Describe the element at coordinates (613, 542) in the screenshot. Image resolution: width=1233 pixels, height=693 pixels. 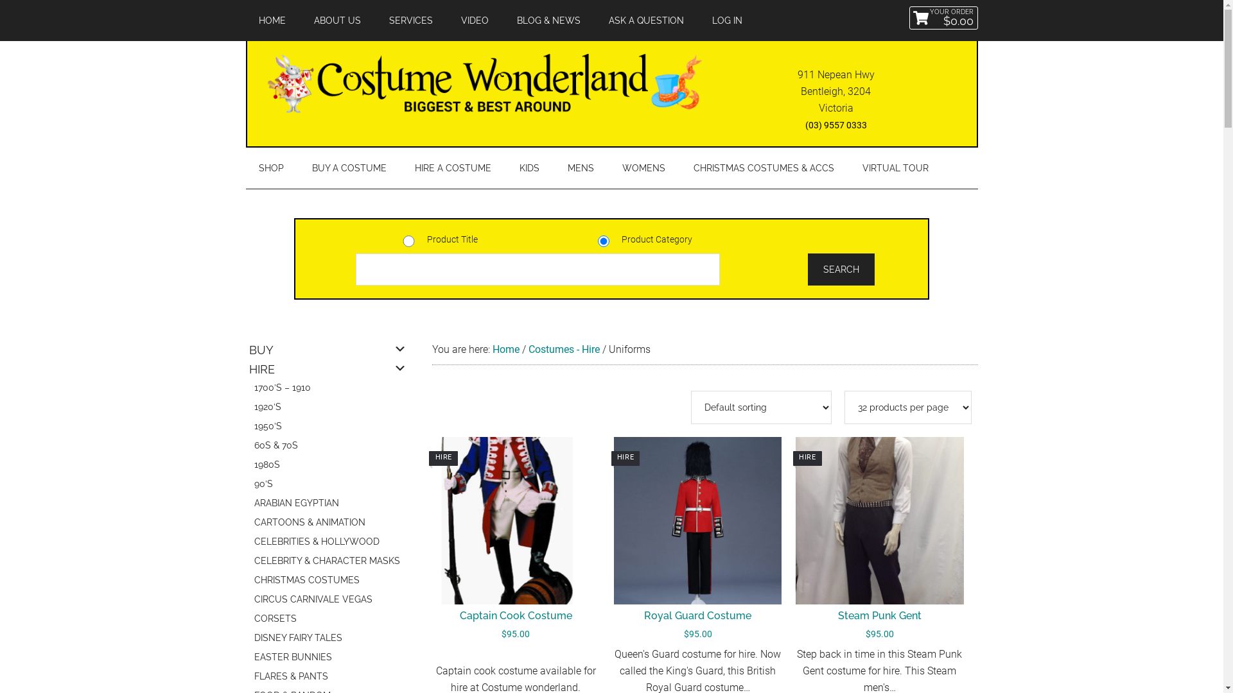
I see `'HIRE` at that location.